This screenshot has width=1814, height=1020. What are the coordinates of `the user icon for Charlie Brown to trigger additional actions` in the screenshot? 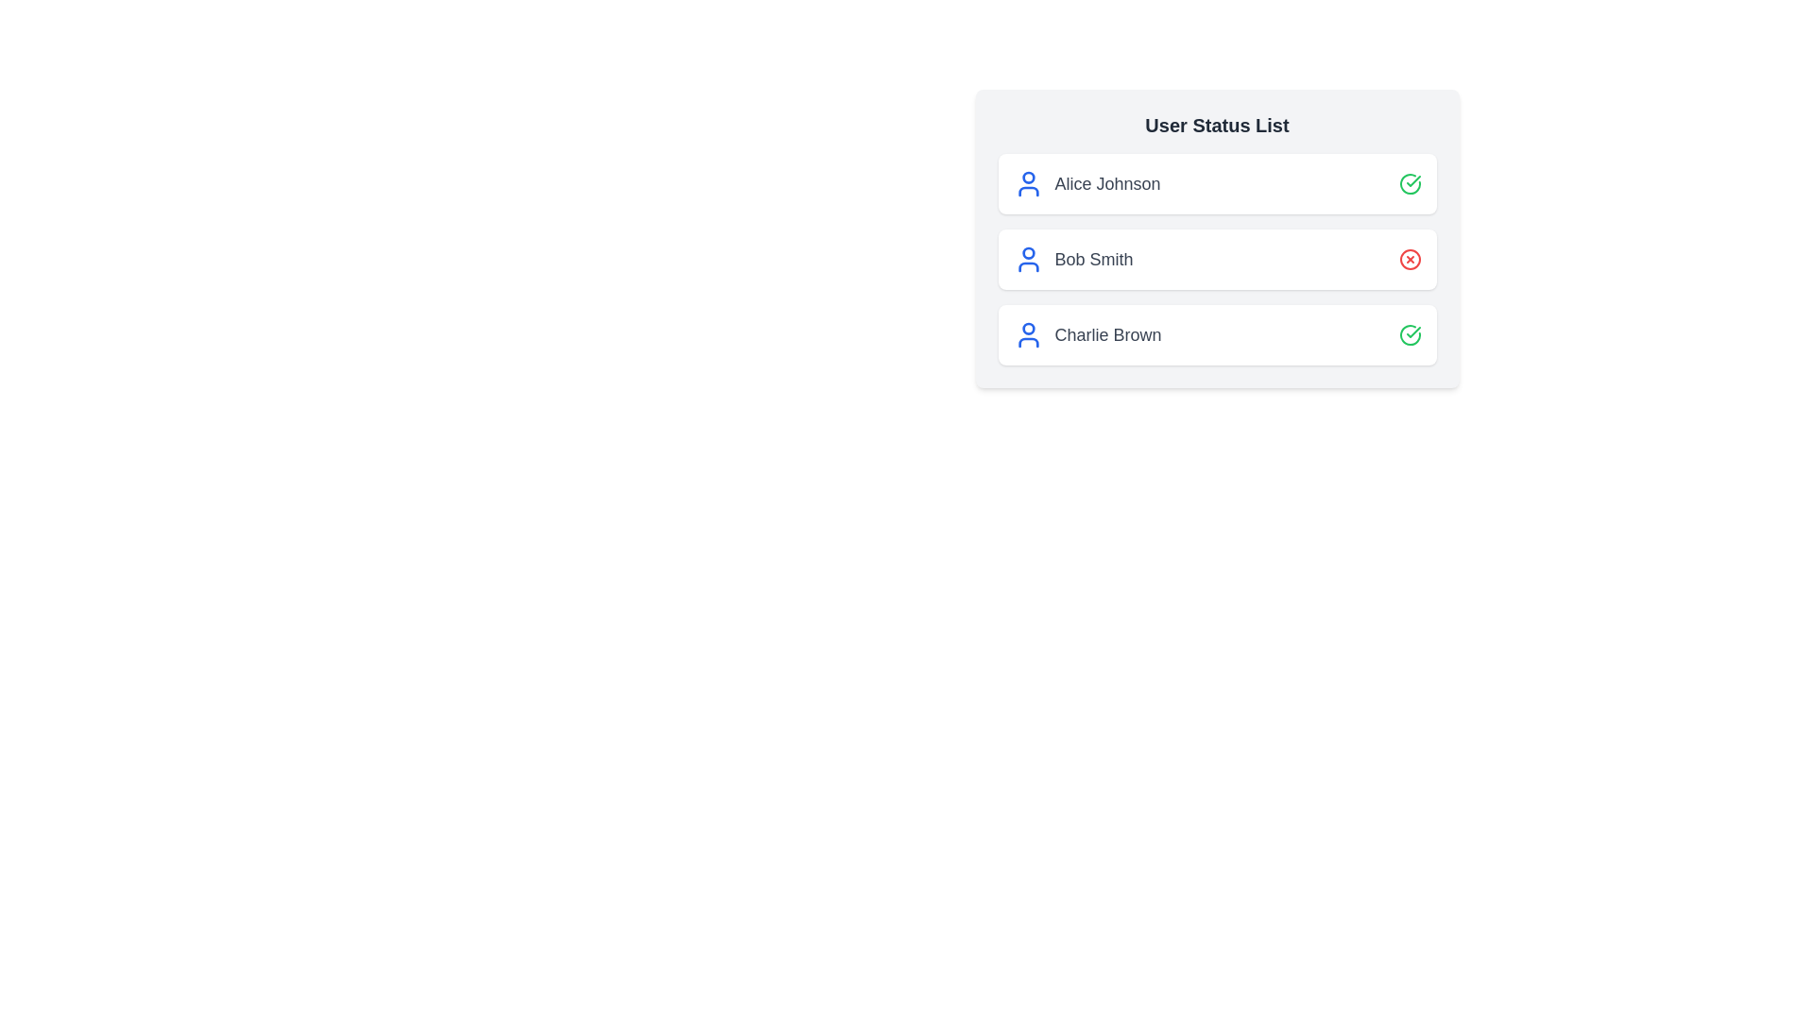 It's located at (1027, 333).